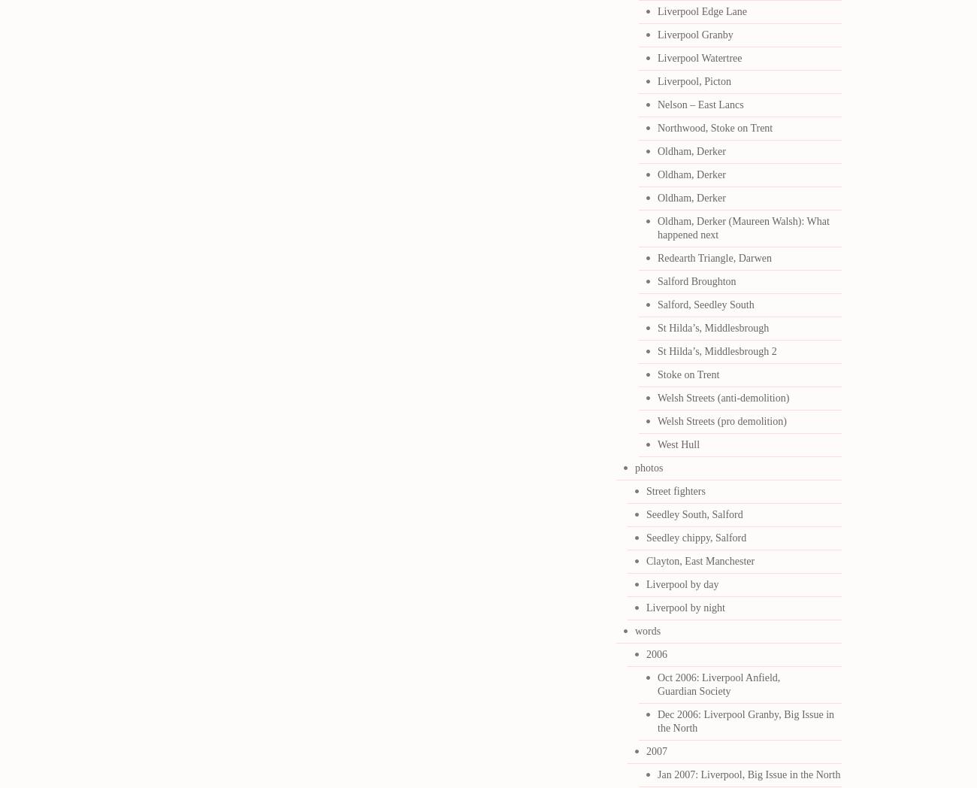  What do you see at coordinates (685, 607) in the screenshot?
I see `'Liverpool by night'` at bounding box center [685, 607].